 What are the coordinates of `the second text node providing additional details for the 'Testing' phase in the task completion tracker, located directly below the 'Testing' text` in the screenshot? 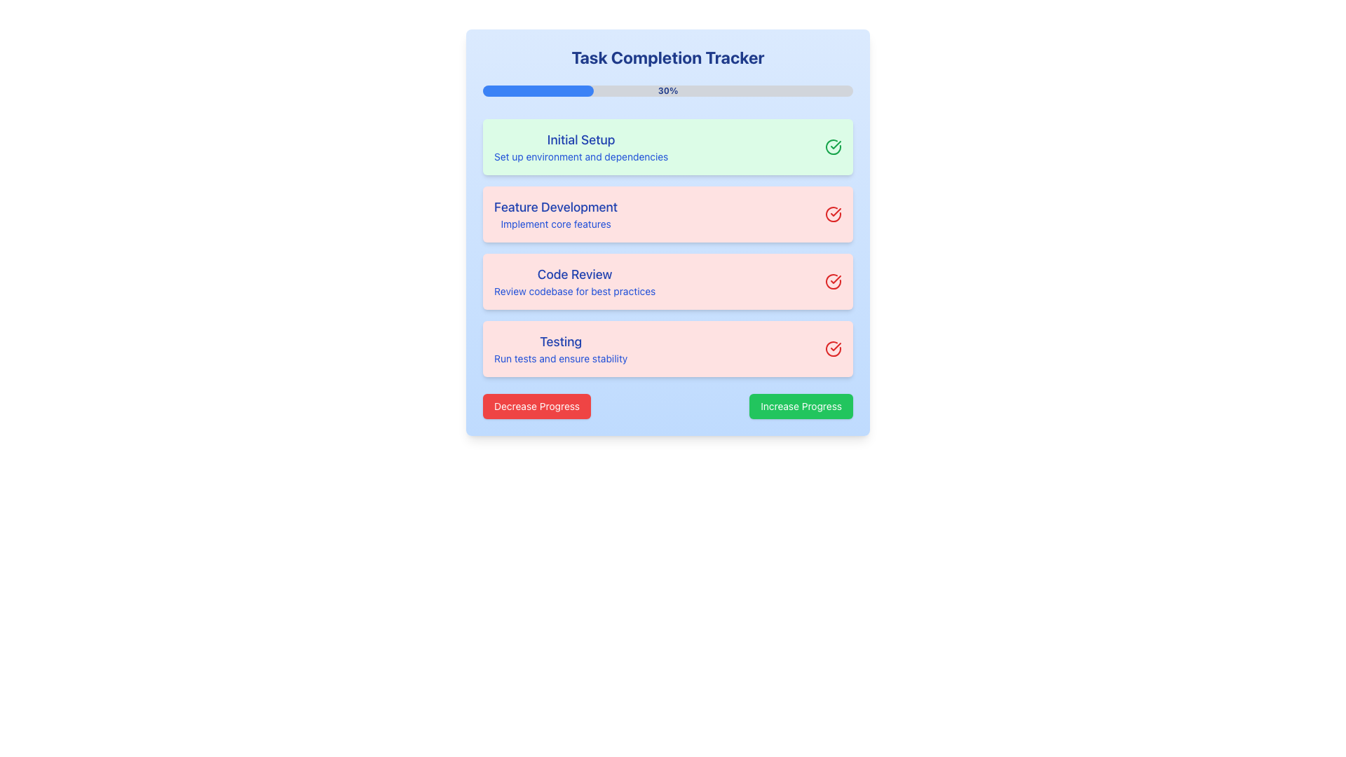 It's located at (561, 358).